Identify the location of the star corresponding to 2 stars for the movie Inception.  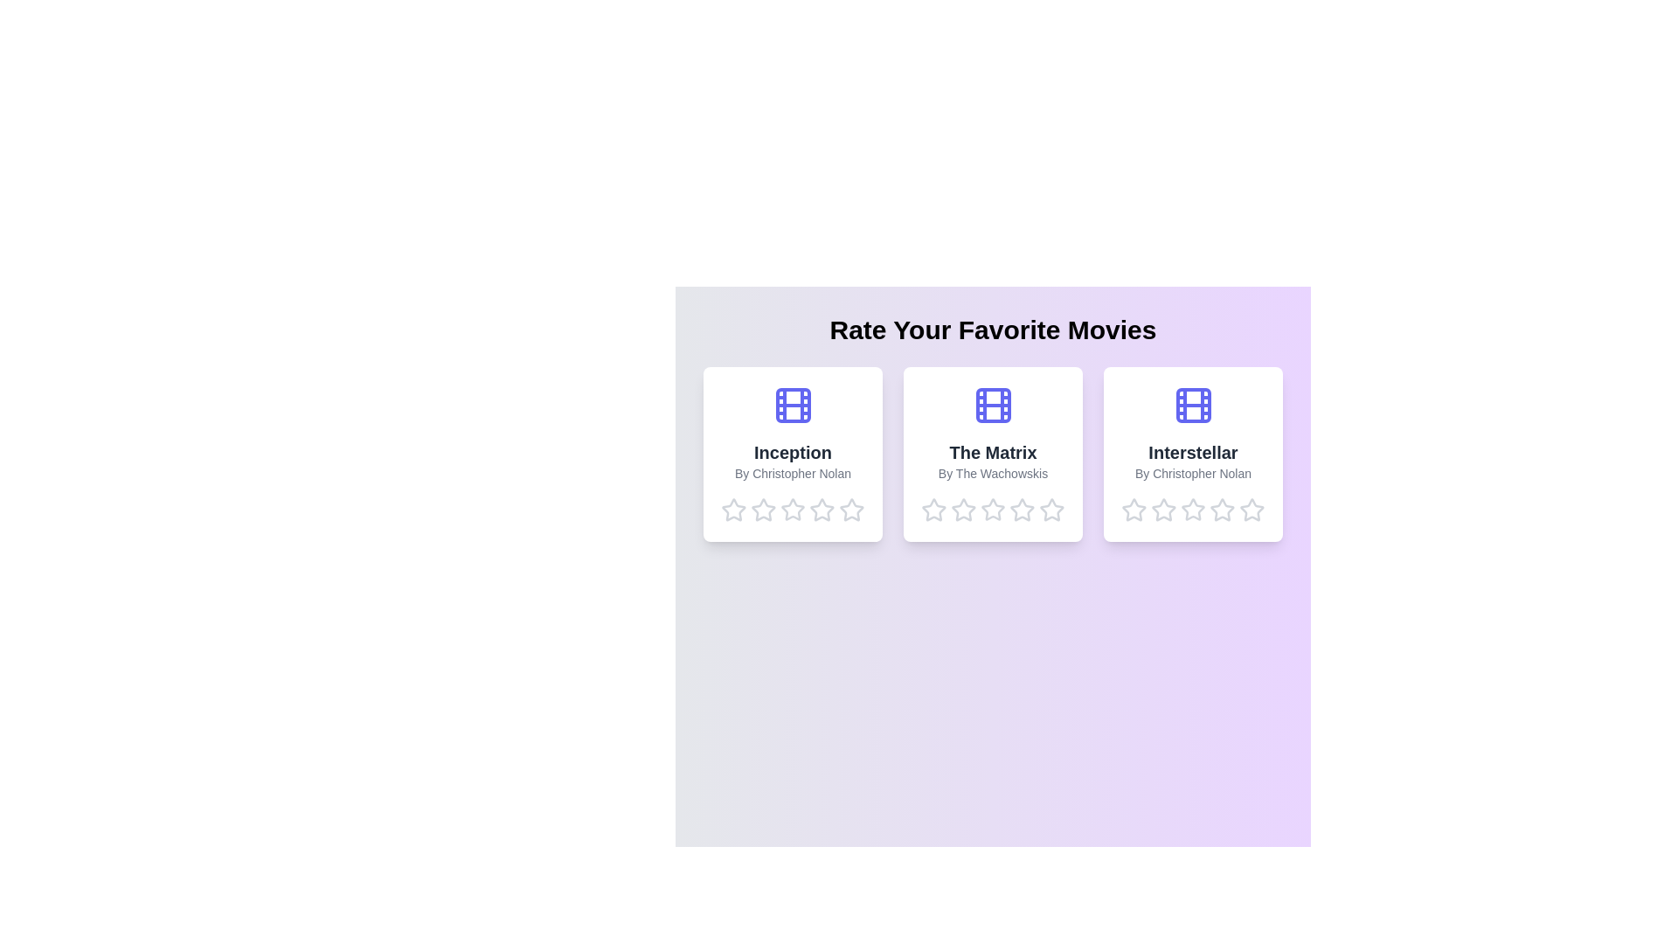
(763, 510).